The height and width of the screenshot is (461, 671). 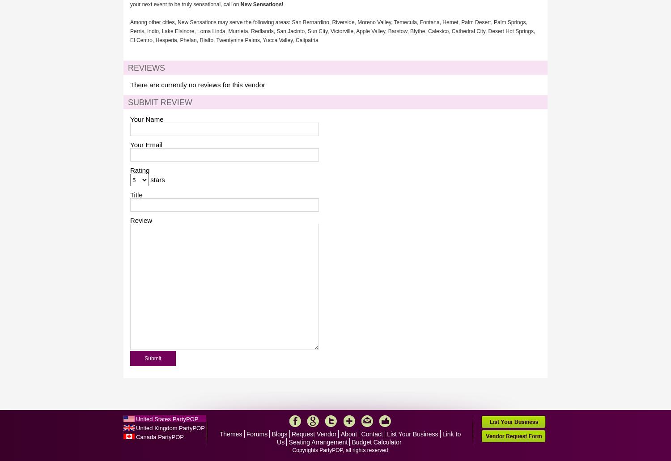 I want to click on 'List Your Business', so click(x=412, y=433).